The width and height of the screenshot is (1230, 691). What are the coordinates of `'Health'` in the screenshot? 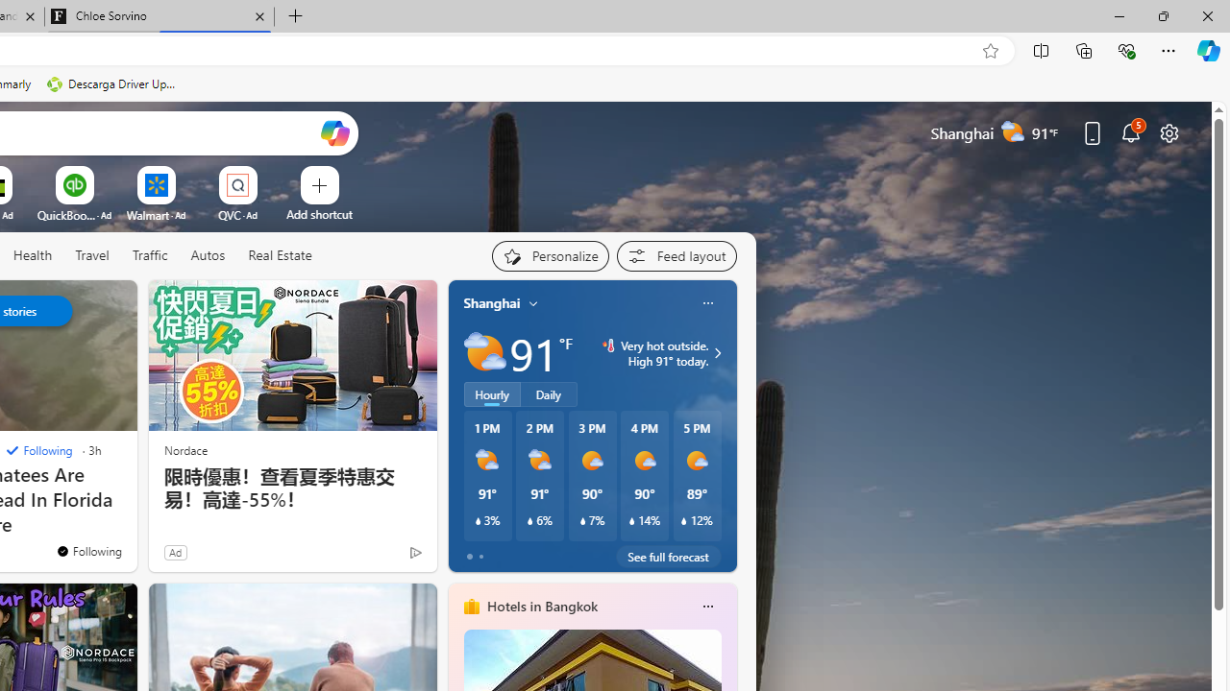 It's located at (32, 255).